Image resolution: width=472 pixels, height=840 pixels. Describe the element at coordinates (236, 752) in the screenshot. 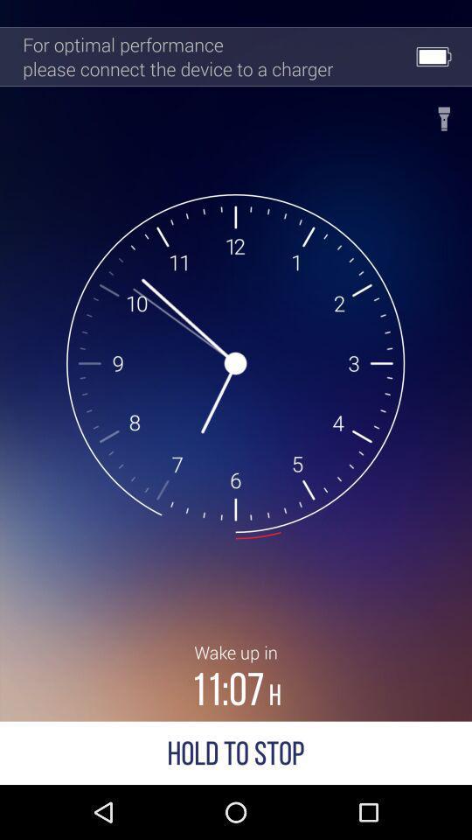

I see `the hold to stop icon` at that location.